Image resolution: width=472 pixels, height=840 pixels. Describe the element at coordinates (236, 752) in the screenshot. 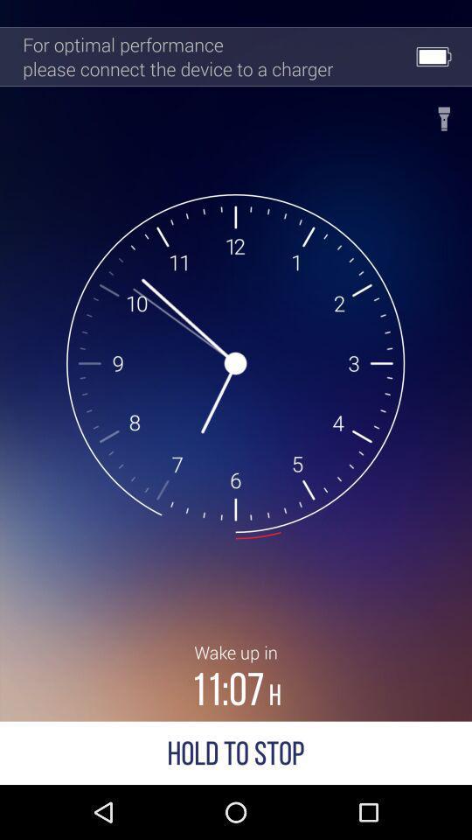

I see `the hold to stop icon` at that location.